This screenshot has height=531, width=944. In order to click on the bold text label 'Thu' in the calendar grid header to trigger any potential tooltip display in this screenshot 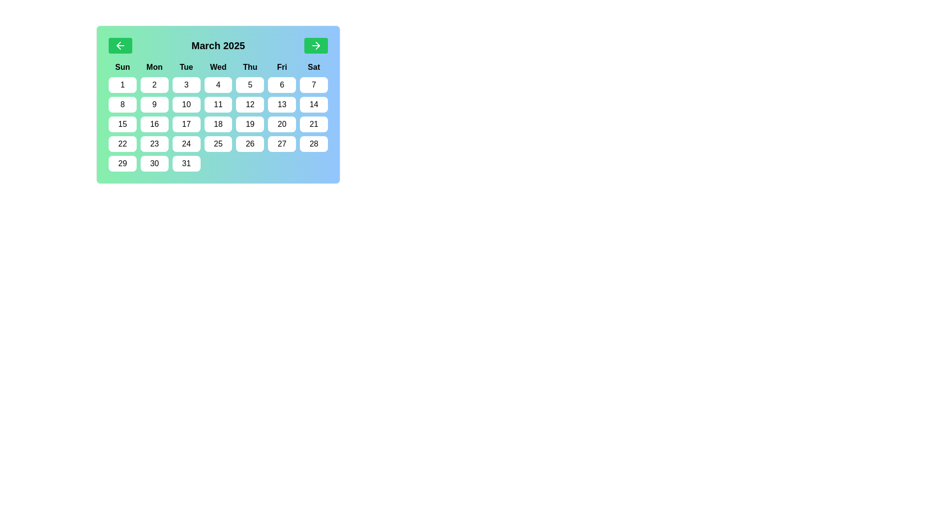, I will do `click(250, 67)`.